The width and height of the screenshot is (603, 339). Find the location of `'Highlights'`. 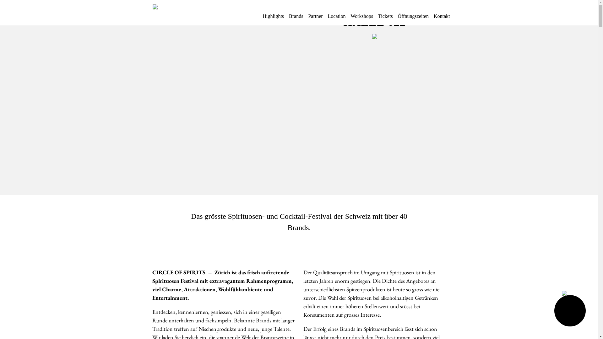

'Highlights' is located at coordinates (273, 19).